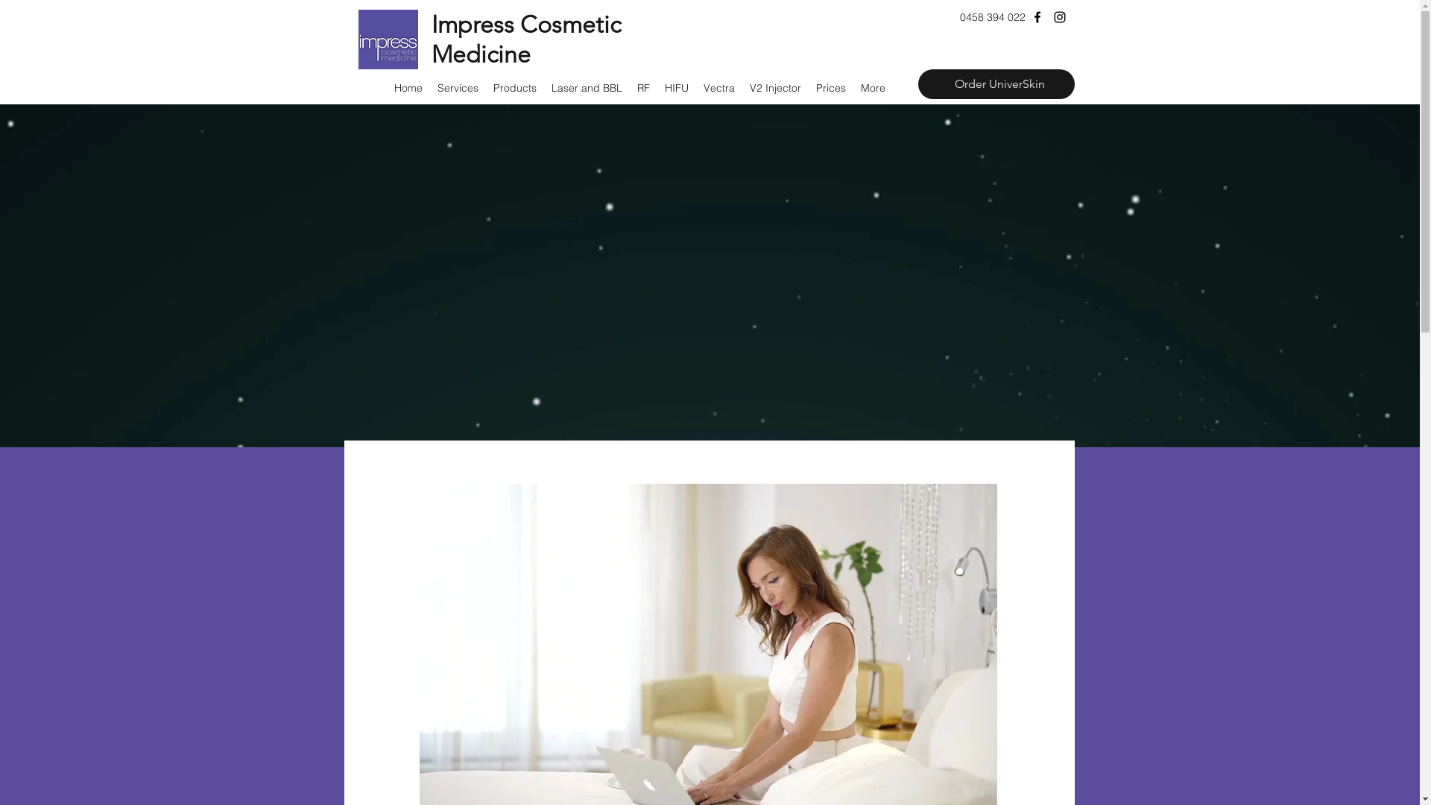  I want to click on 'Vectra', so click(718, 88).